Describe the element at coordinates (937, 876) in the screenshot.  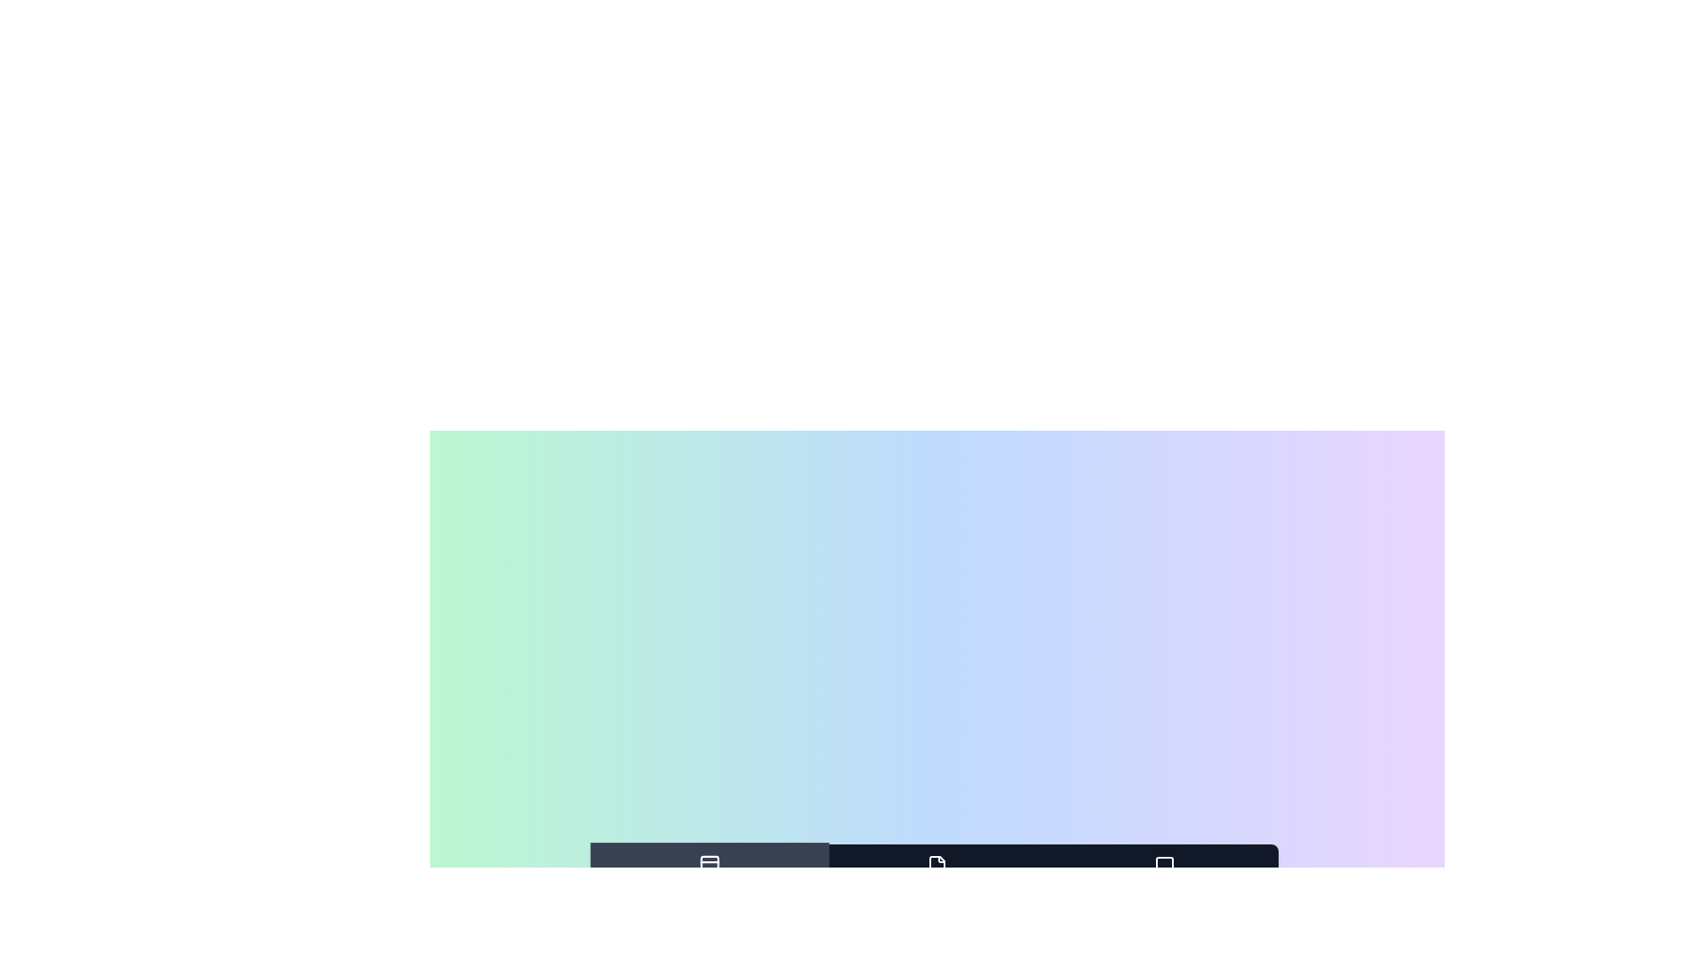
I see `the tab labeled Documents to observe the hover effect` at that location.